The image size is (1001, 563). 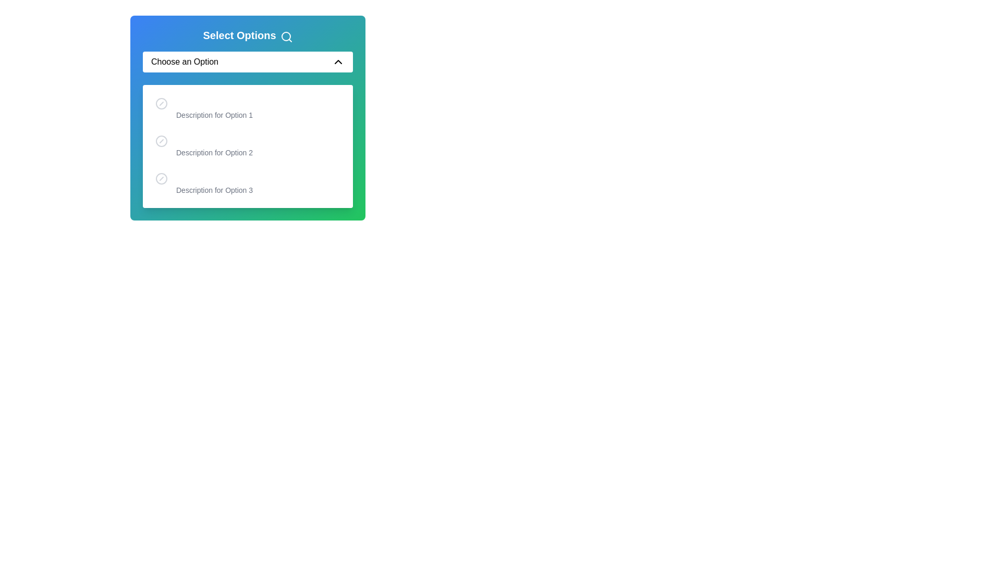 I want to click on the static text element that reads 'Description for Option 1', which is located below the bold title 'Option 1' in the dropdown menu, so click(x=214, y=115).